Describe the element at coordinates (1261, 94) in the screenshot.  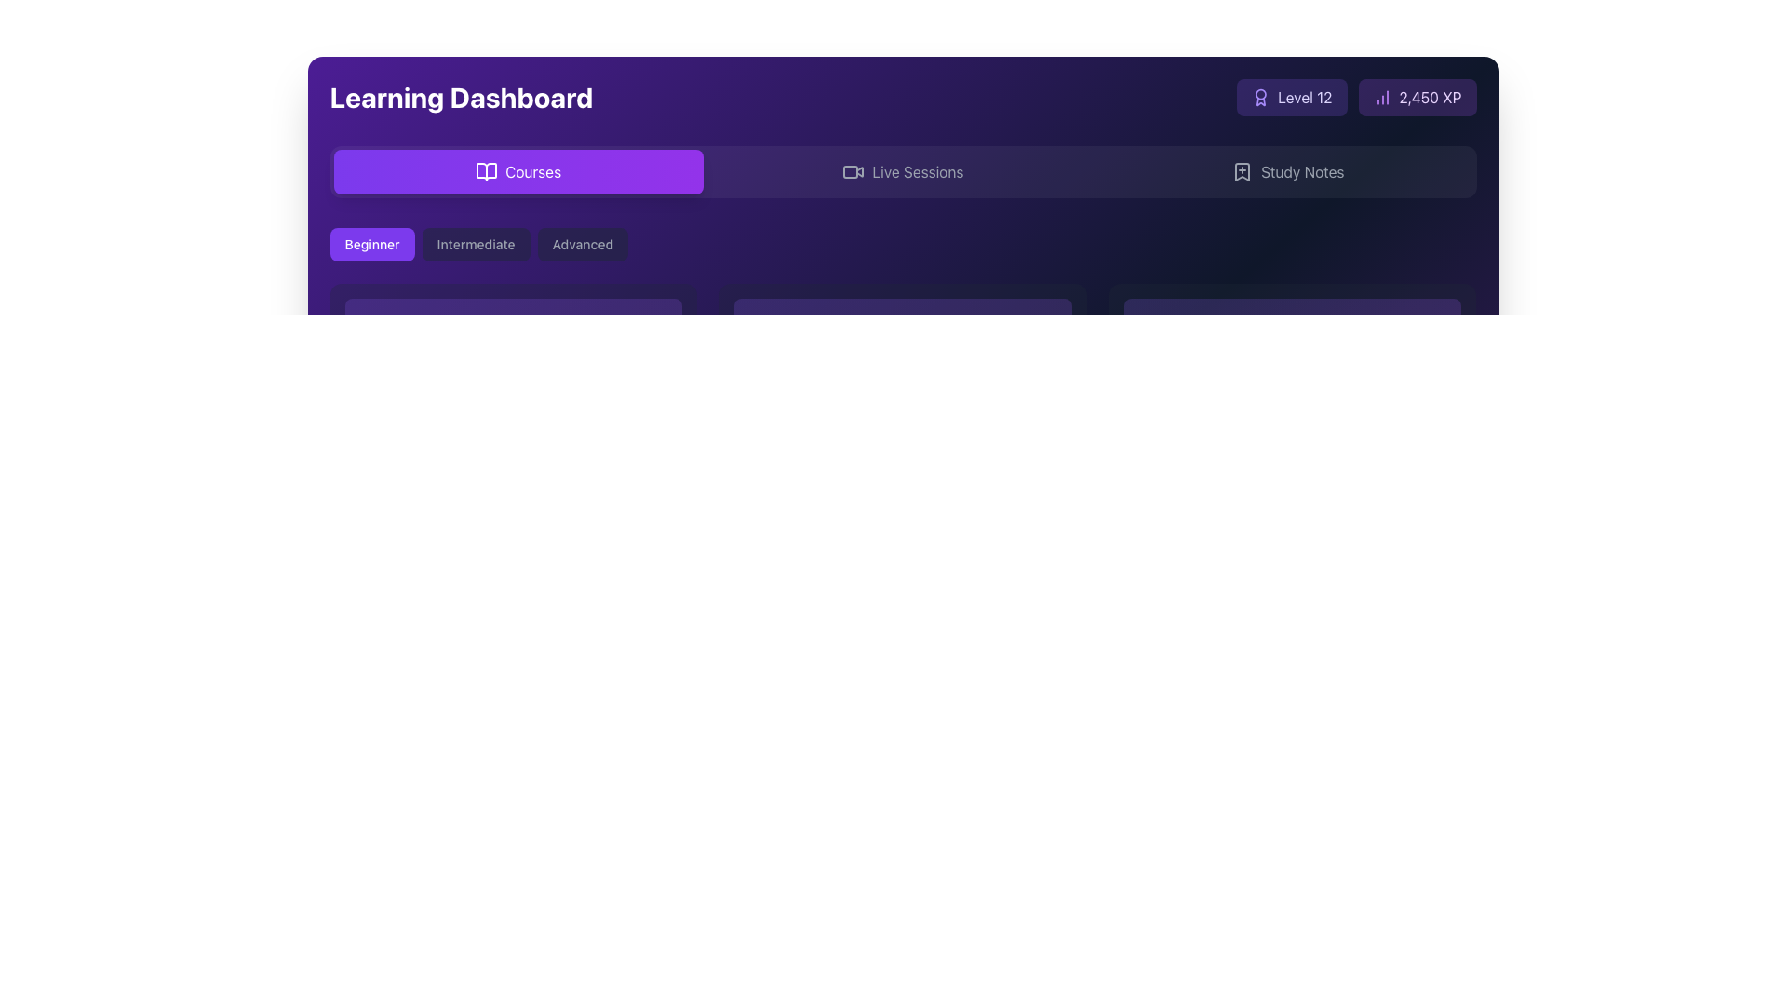
I see `the circular shape element of the SVG icon that represents an award, located at the top-right corner of the interface, just to the left of the 'Level 12' label` at that location.